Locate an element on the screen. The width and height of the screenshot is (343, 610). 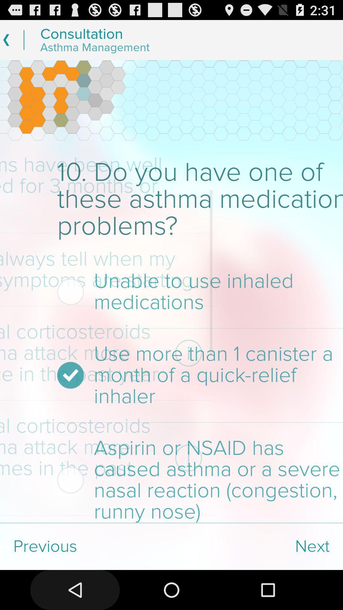
the item at the bottom left corner is located at coordinates (86, 546).